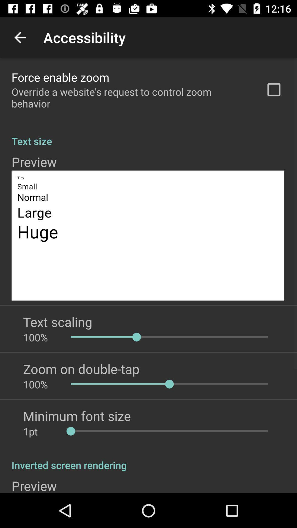 The height and width of the screenshot is (528, 297). What do you see at coordinates (274, 90) in the screenshot?
I see `the app next to override a website icon` at bounding box center [274, 90].